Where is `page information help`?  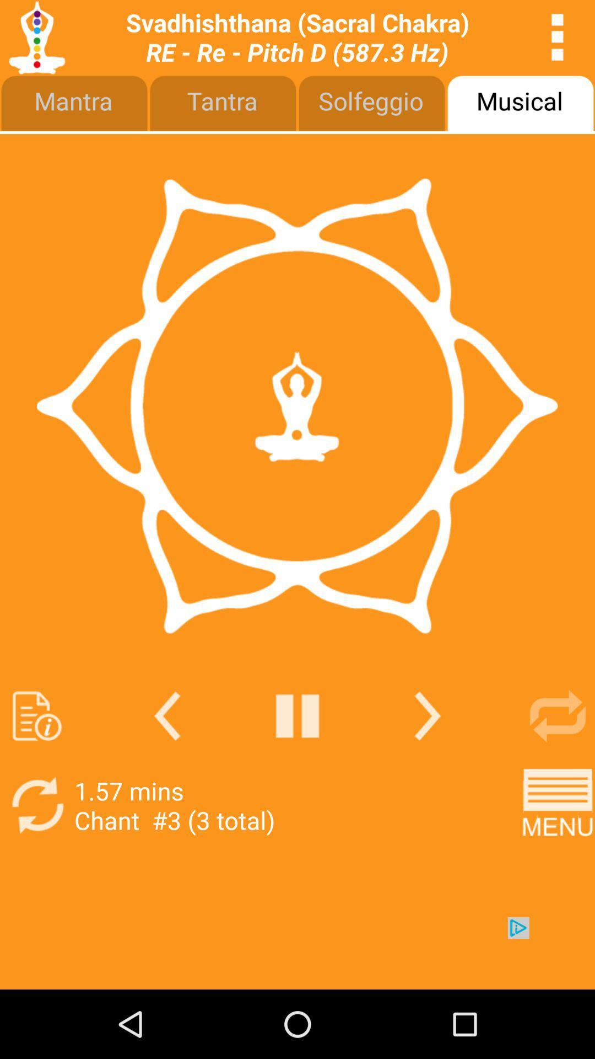
page information help is located at coordinates (36, 716).